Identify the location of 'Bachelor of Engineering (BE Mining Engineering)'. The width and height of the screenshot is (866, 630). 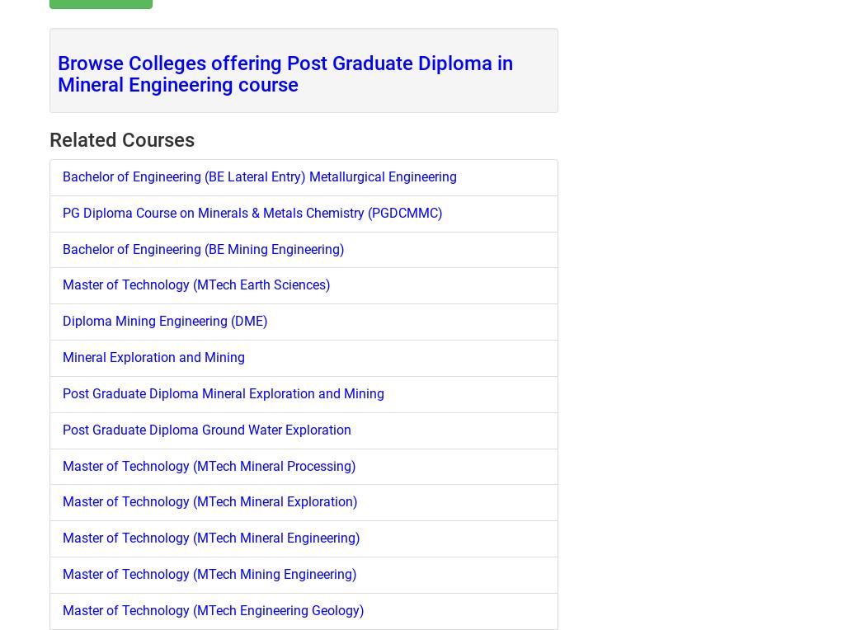
(203, 247).